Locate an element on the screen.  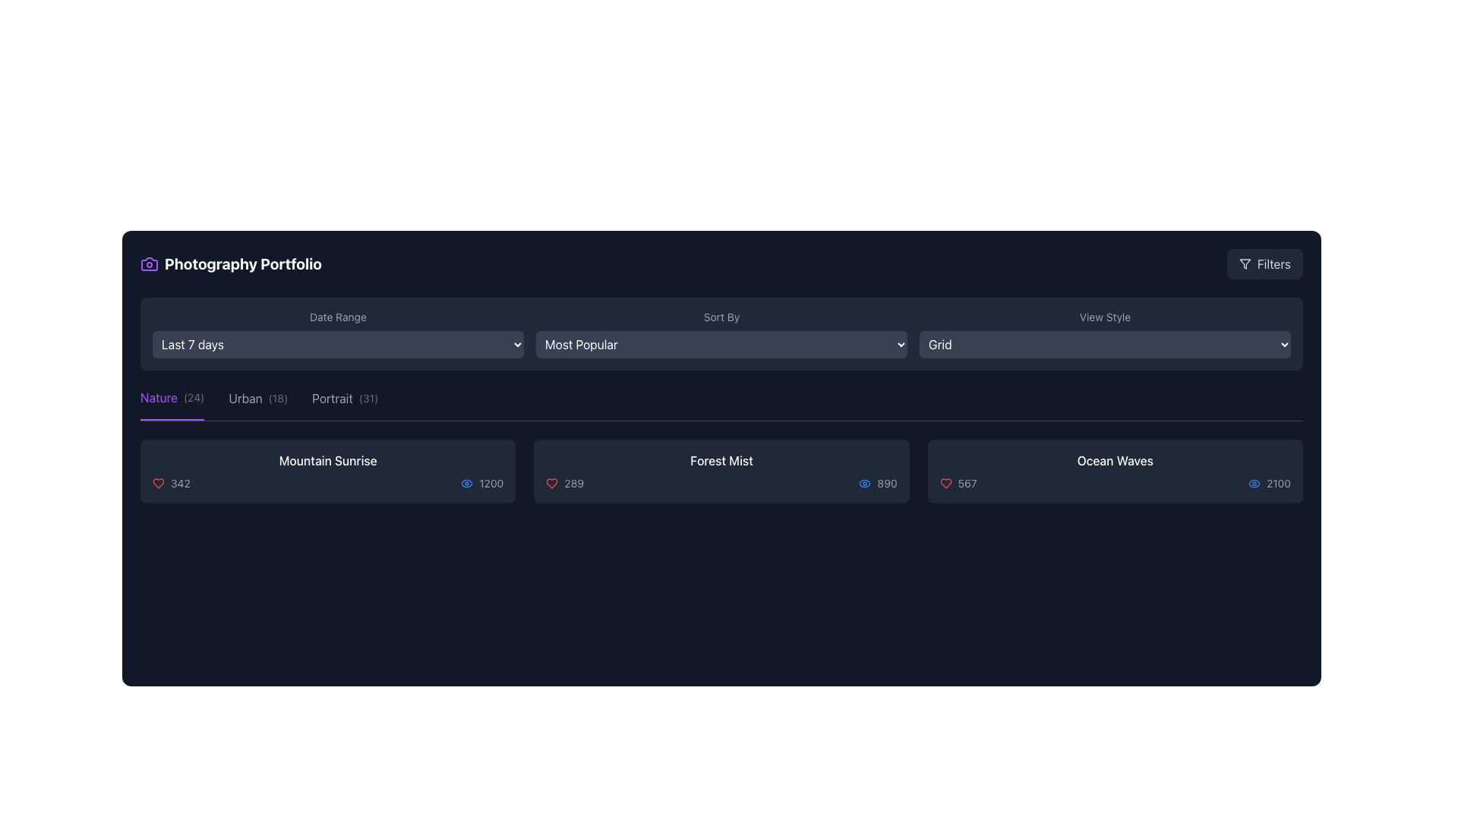
the red heart icon used for likes or favorites located in the bottom-left corner of the 'Forest Mist' card, positioned to the left of the numeric text '289' is located at coordinates (551, 483).